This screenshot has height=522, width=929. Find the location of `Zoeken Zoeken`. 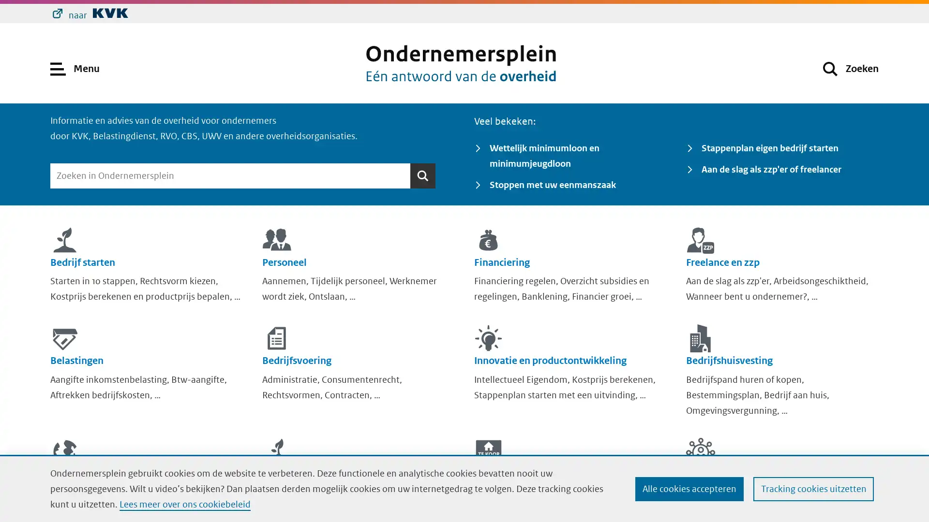

Zoeken Zoeken is located at coordinates (422, 179).